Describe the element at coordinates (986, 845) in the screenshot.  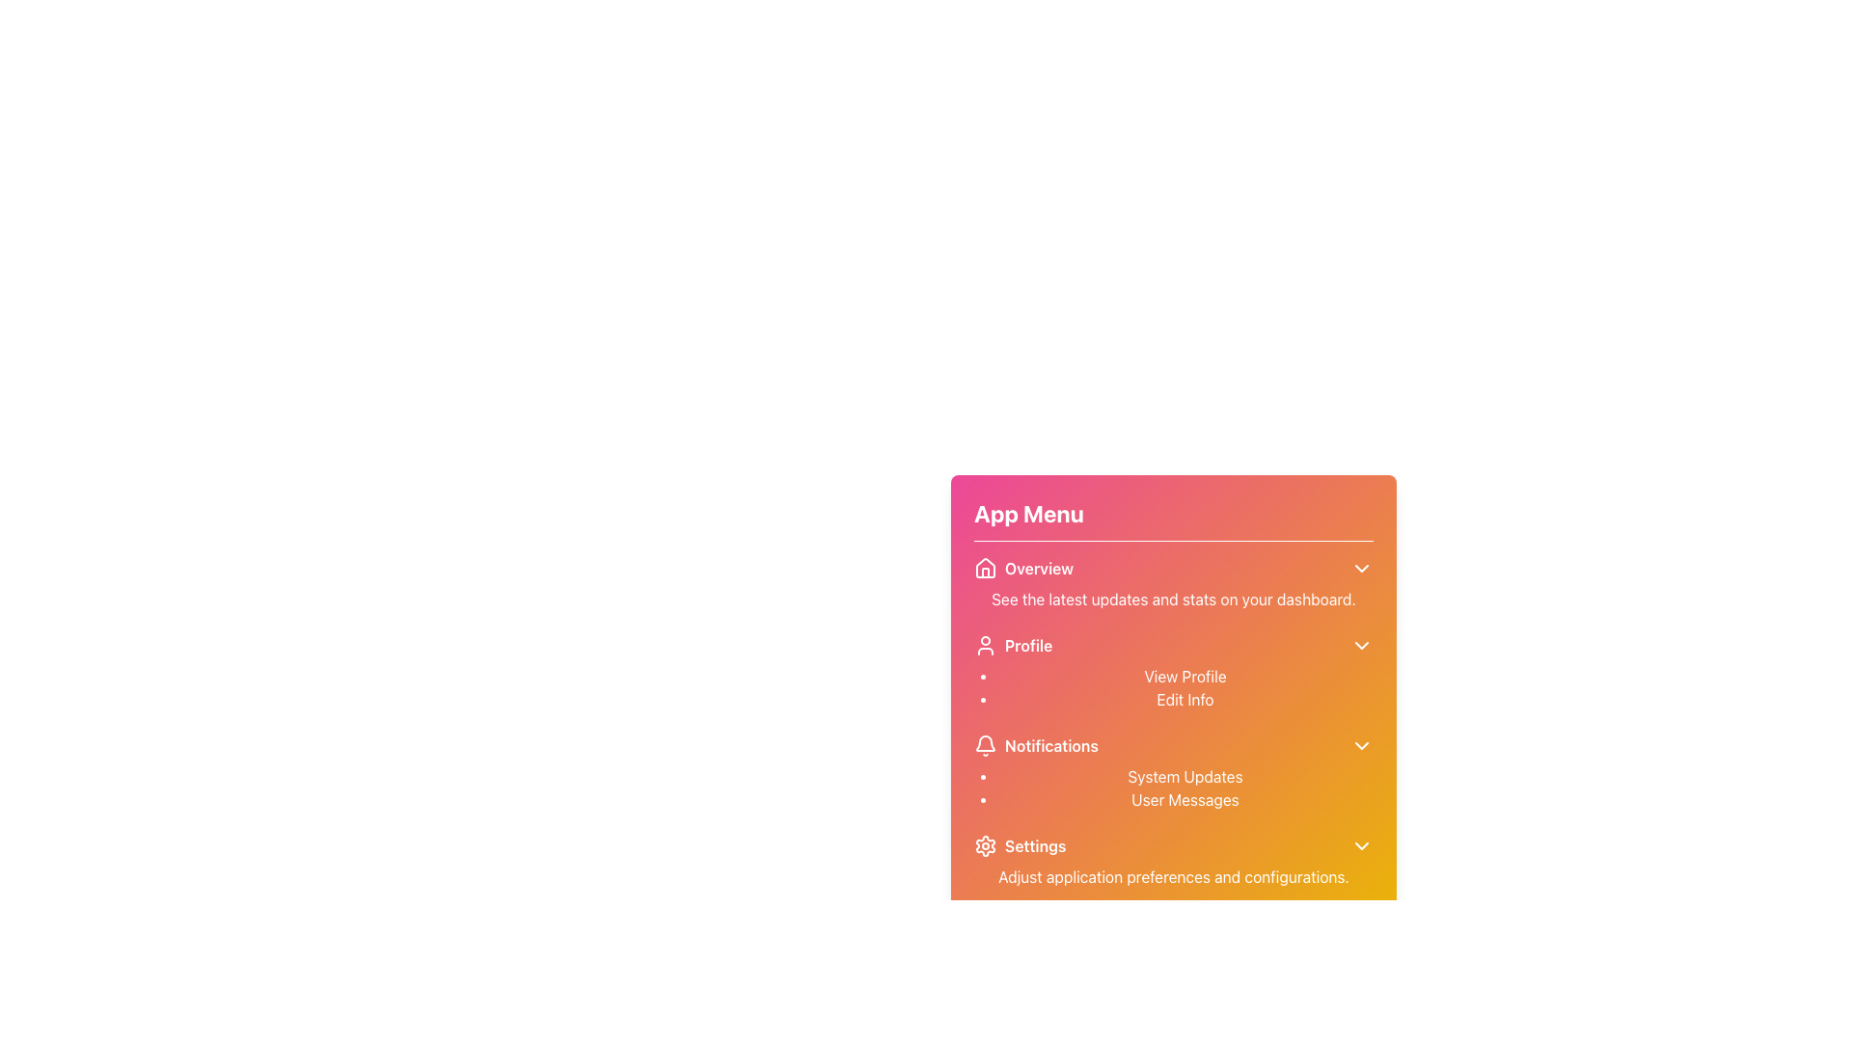
I see `the gear icon representing the 'Settings' option in the App Menu, which is the leftmost icon next to the text 'Settings'` at that location.